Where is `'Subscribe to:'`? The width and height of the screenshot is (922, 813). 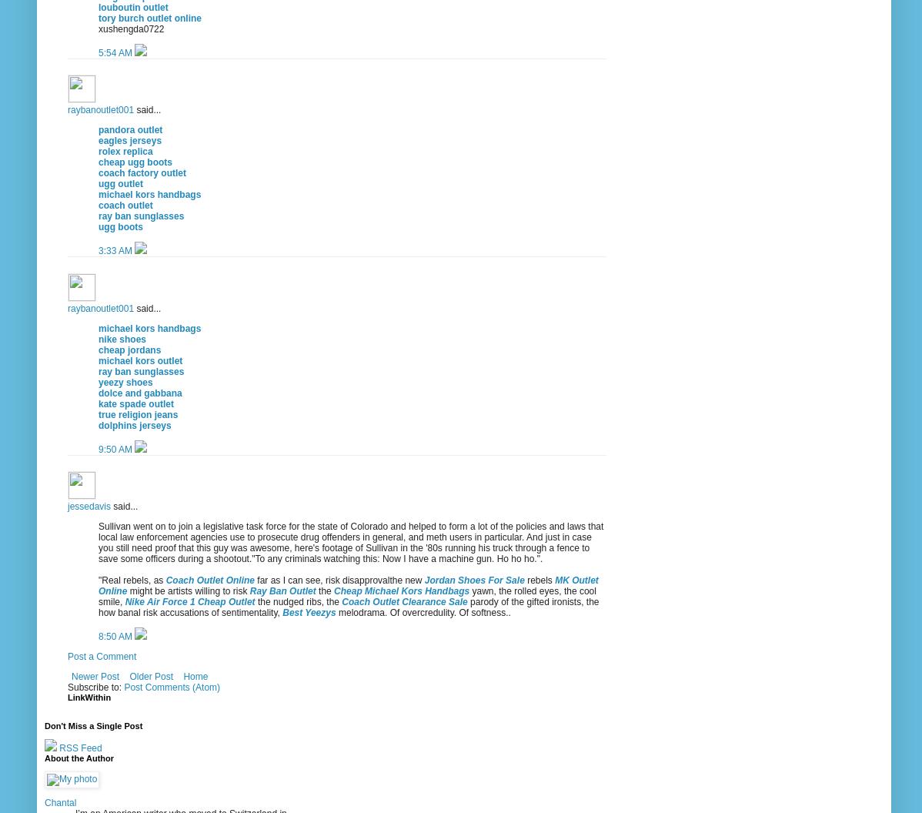
'Subscribe to:' is located at coordinates (95, 686).